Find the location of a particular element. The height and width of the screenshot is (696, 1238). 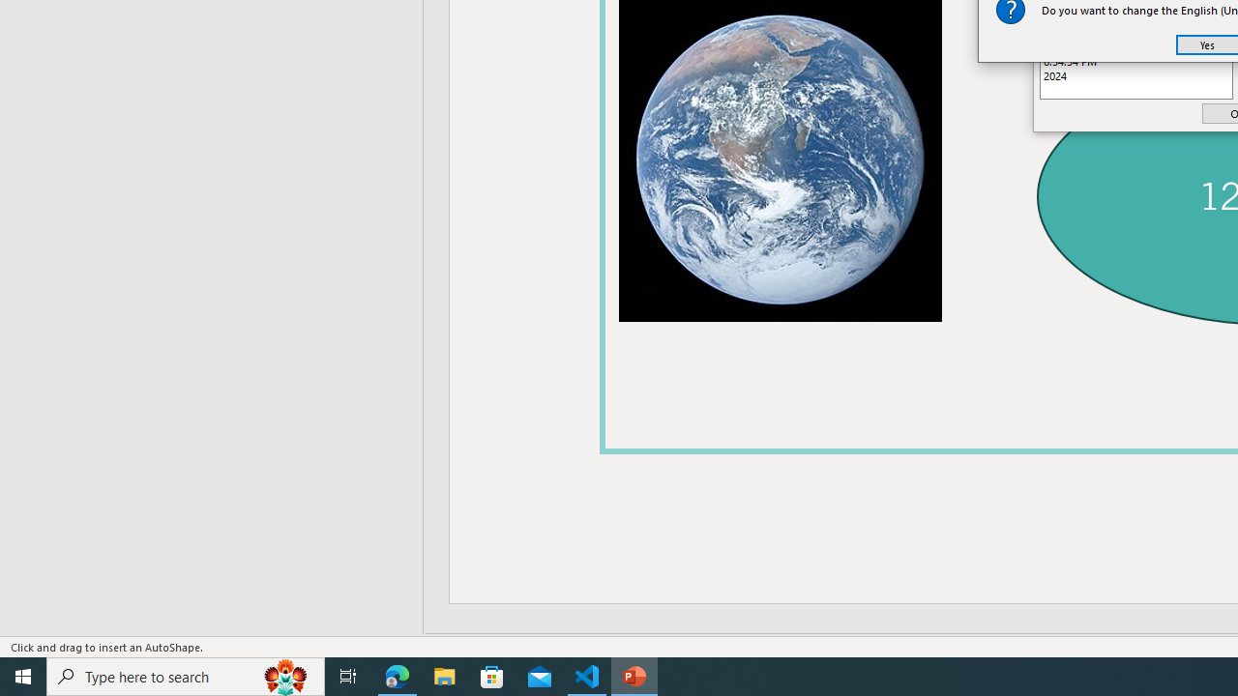

'Type here to search' is located at coordinates (186, 675).